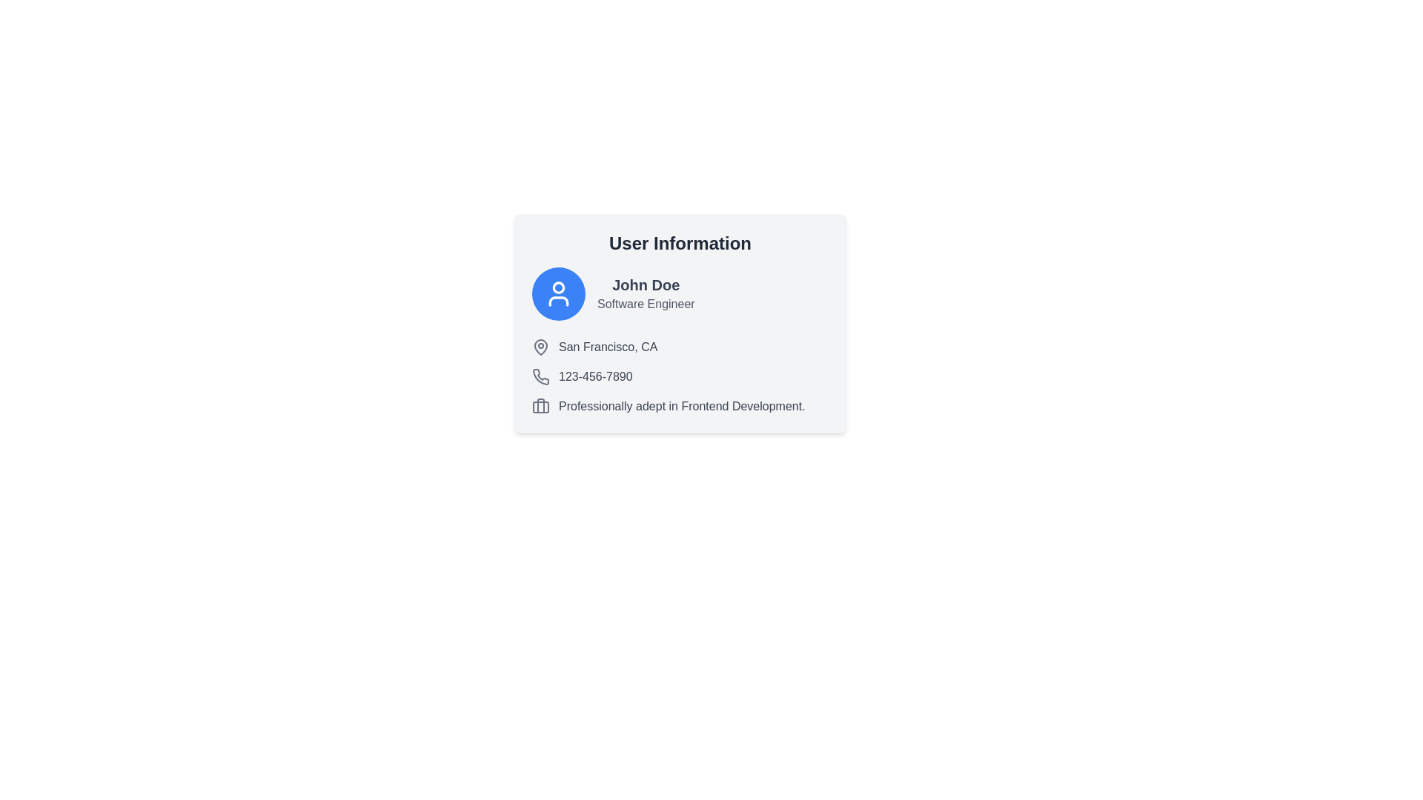 The image size is (1423, 800). What do you see at coordinates (540, 406) in the screenshot?
I see `the icon that symbolizes professional experience, located to the left of the text 'Professionally adept in Frontend Development'` at bounding box center [540, 406].